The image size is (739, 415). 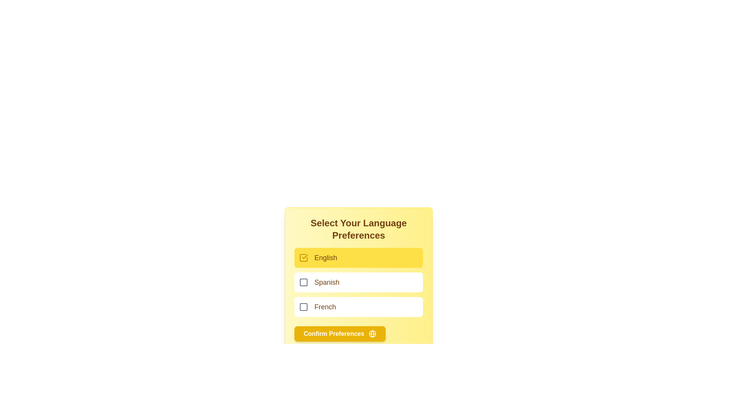 What do you see at coordinates (303, 306) in the screenshot?
I see `the checkbox for the French language selection, which is a small square checkbox with rounded corners located in the bottom section of the language selection list, adjacent to the label 'French'` at bounding box center [303, 306].